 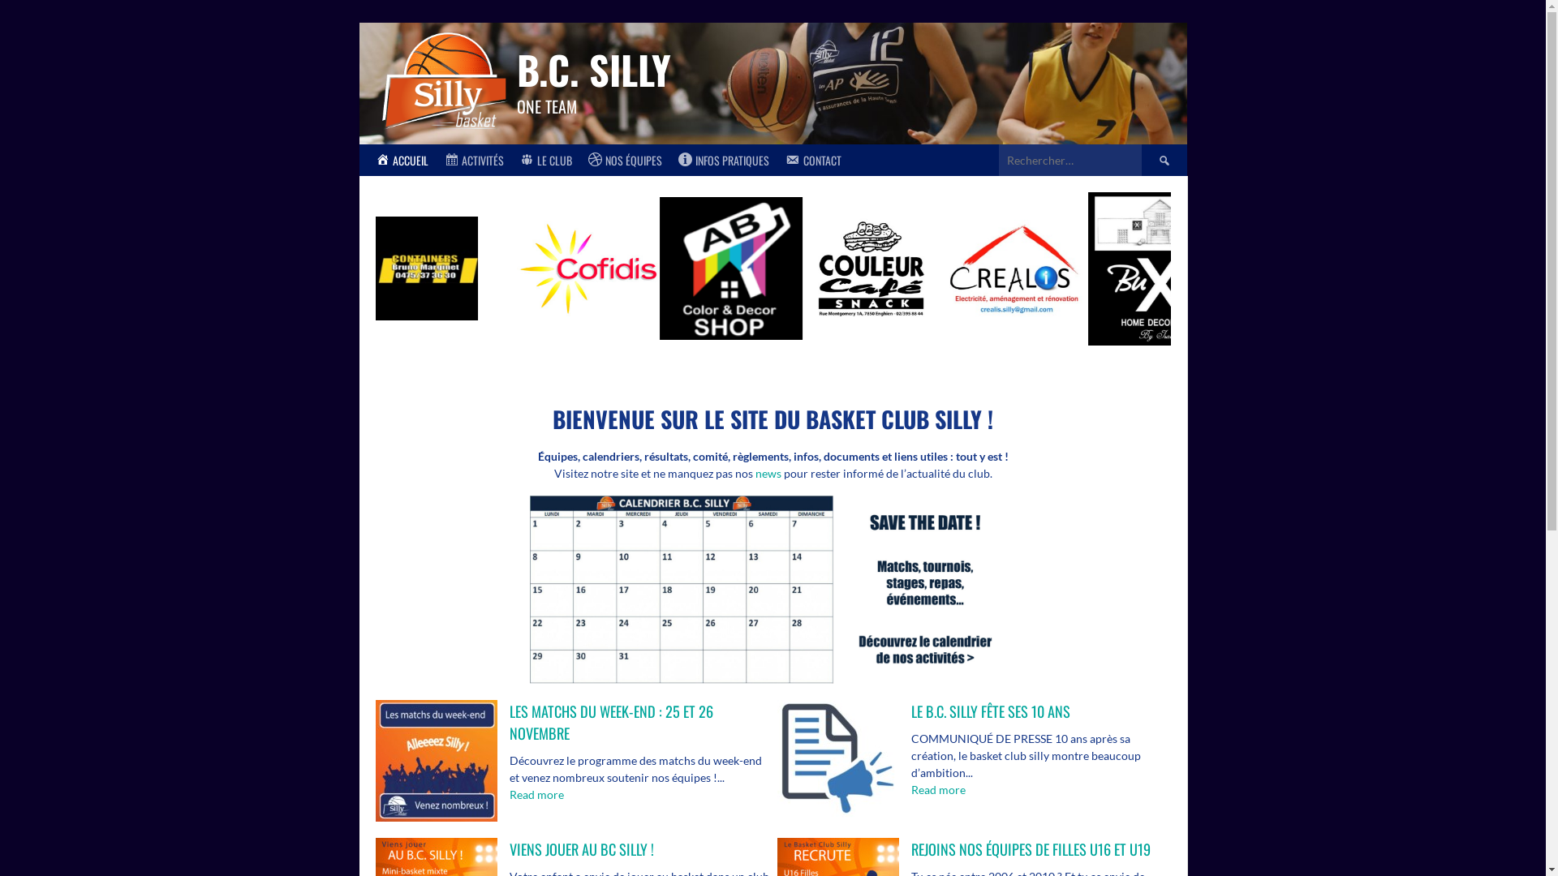 I want to click on 'VIENS JOUER AU BC SILLY !', so click(x=581, y=848).